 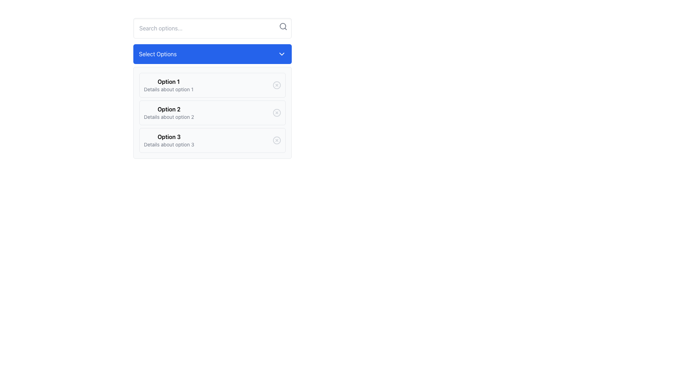 I want to click on the Decorative Icon located in the second option block aligned with 'Option 2' on the right side, which serves as a status indicator, so click(x=276, y=112).